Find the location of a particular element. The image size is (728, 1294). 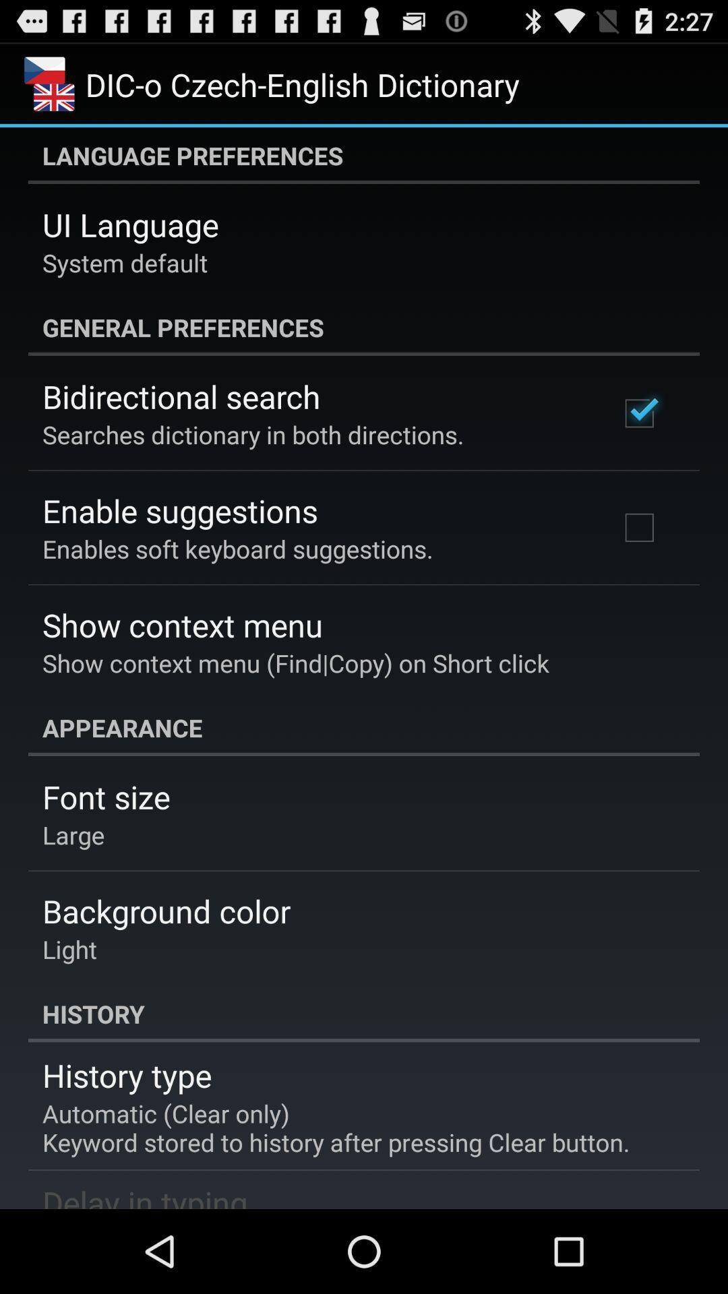

general preferences icon is located at coordinates (364, 327).